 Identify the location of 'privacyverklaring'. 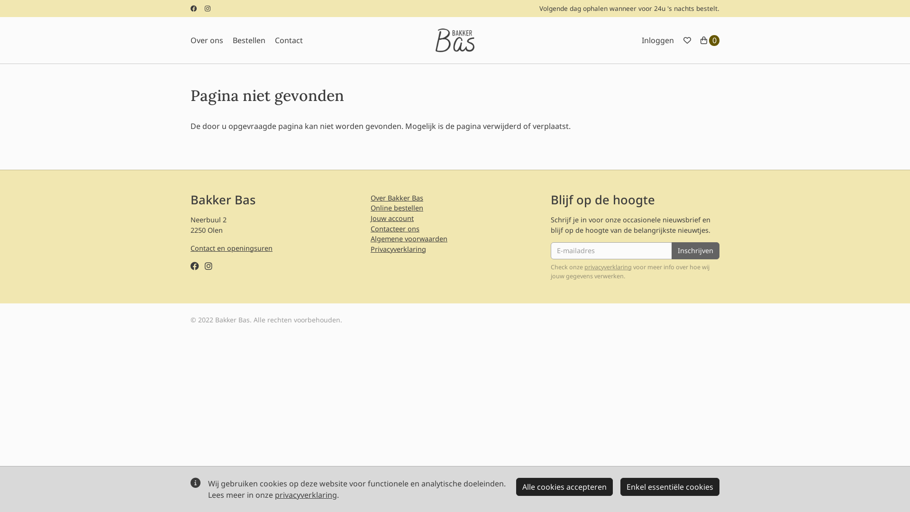
(306, 494).